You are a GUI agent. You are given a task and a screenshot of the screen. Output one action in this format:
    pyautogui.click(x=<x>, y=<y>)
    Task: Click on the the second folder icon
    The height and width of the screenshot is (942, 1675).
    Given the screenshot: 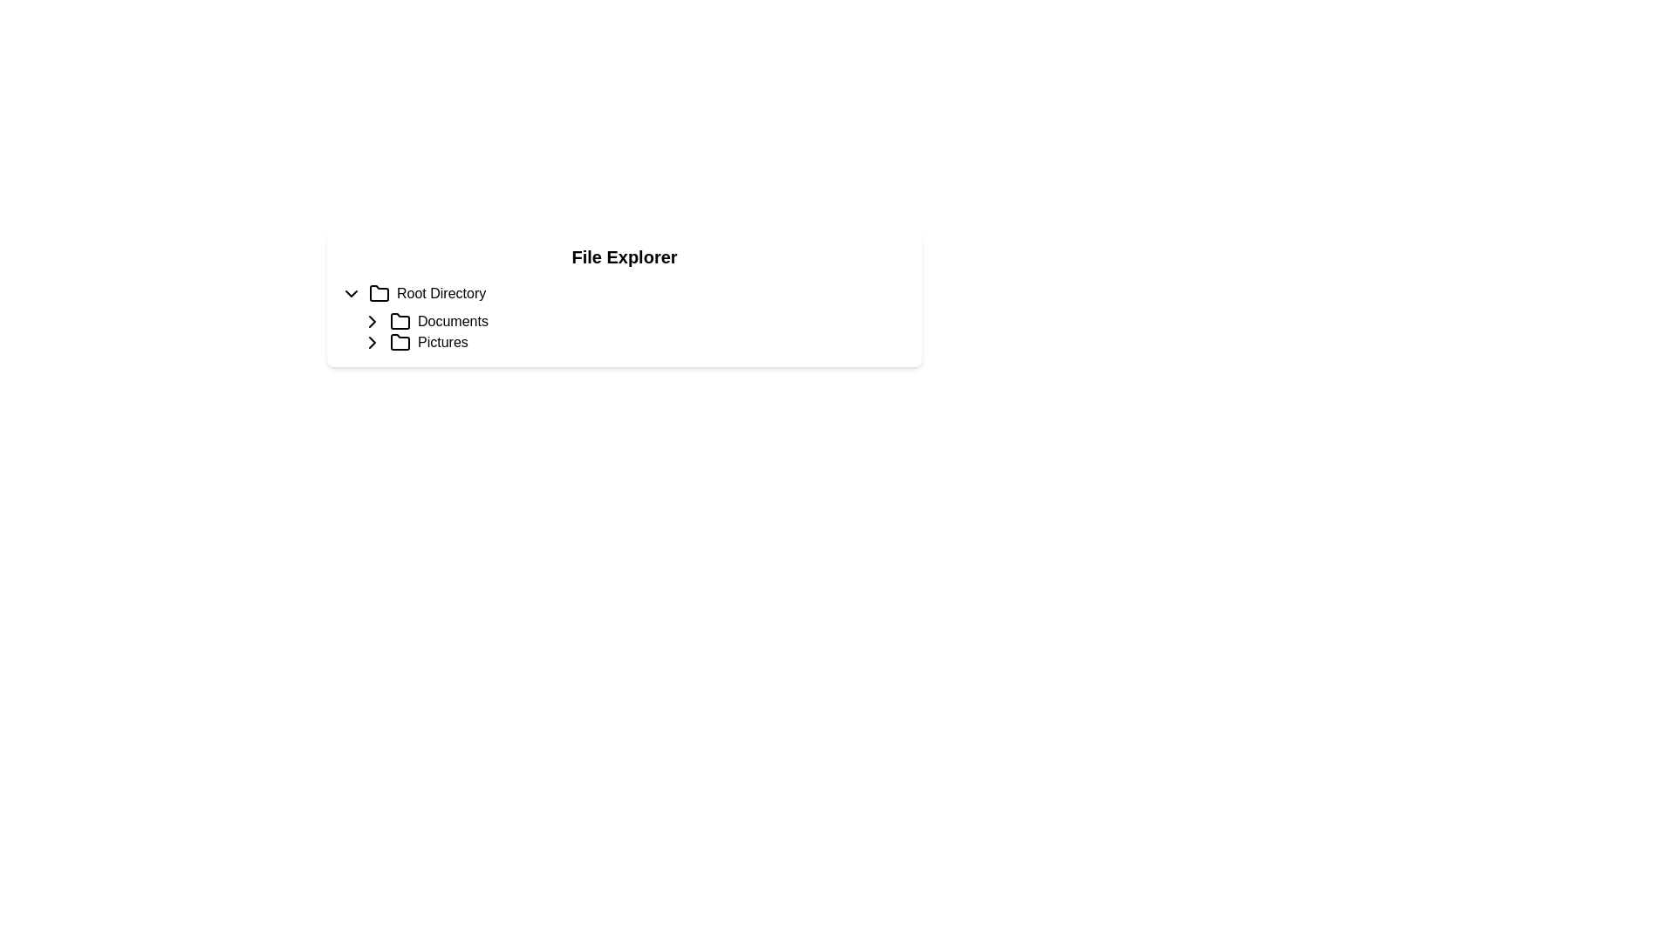 What is the action you would take?
    pyautogui.click(x=400, y=321)
    